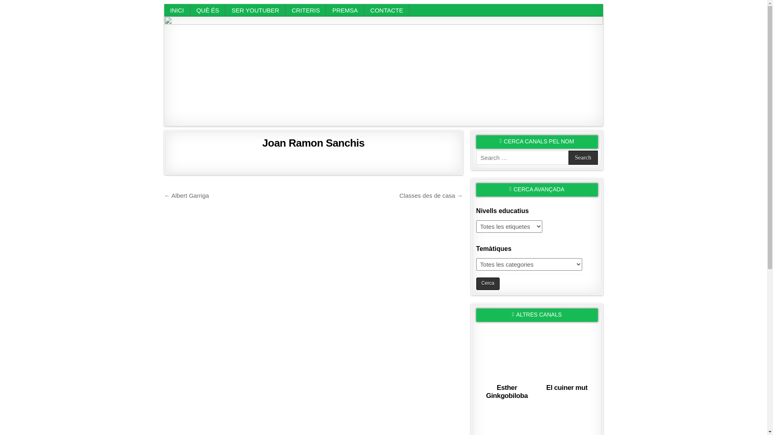 The height and width of the screenshot is (435, 773). What do you see at coordinates (313, 142) in the screenshot?
I see `'Joan Ramon Sanchis'` at bounding box center [313, 142].